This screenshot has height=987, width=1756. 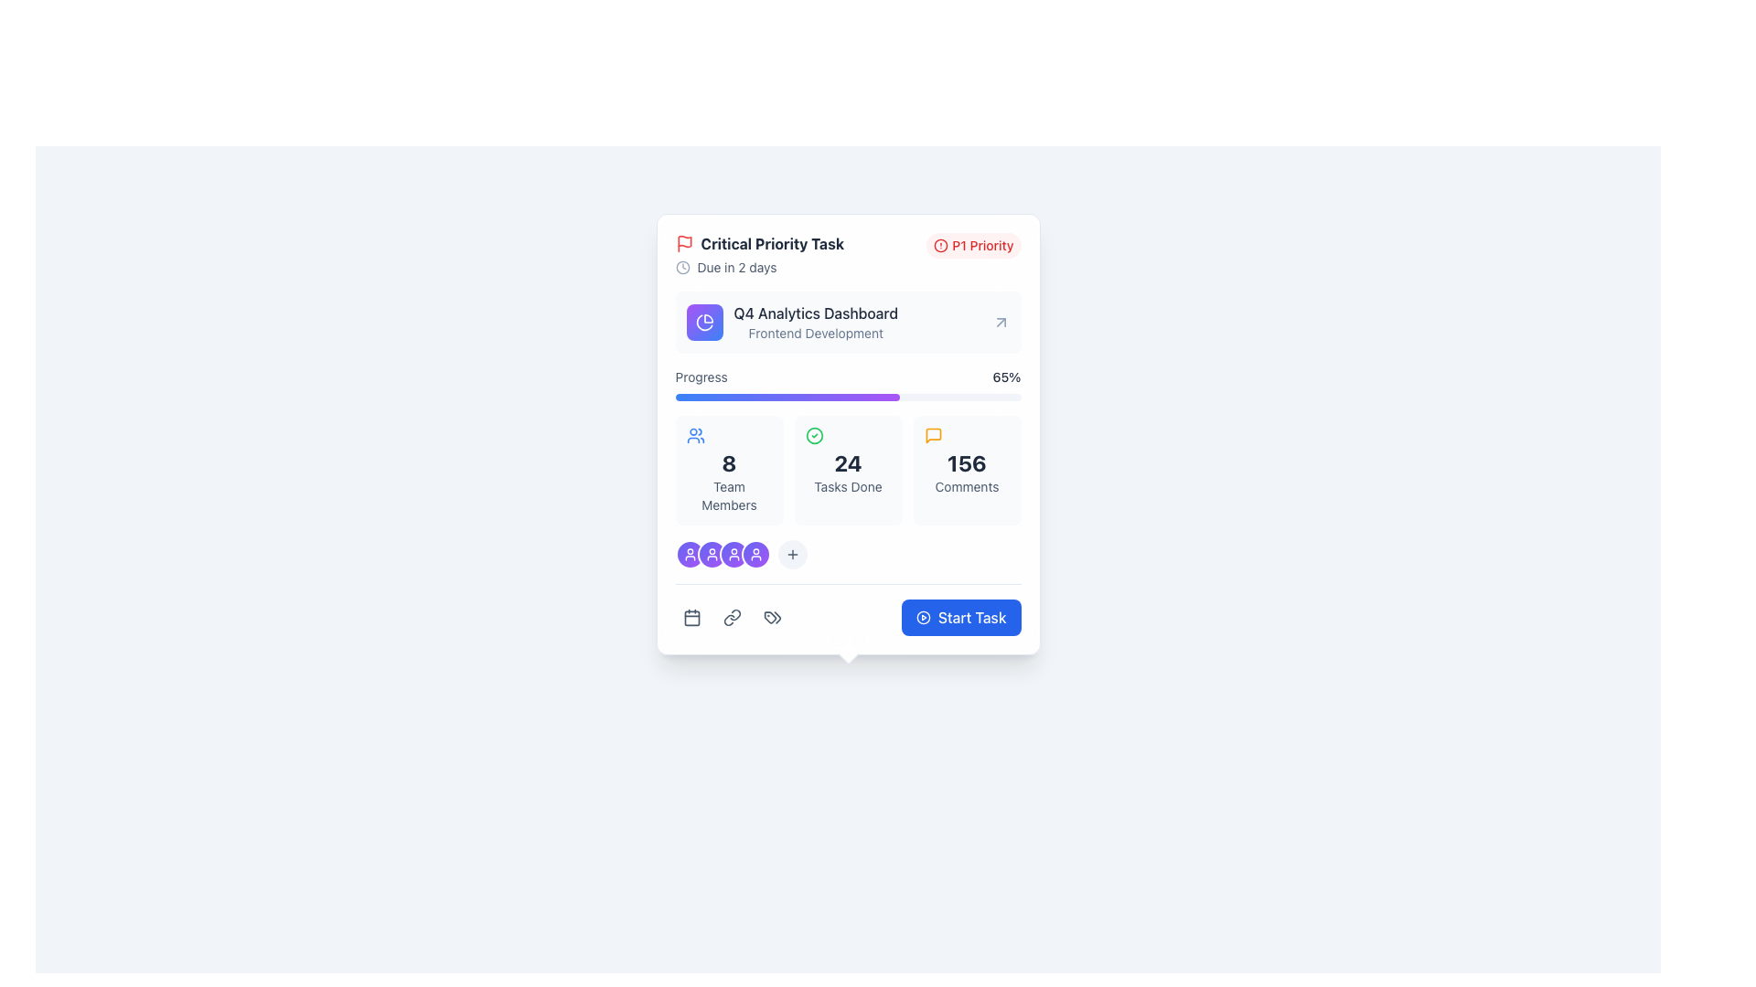 I want to click on the second button, so click(x=732, y=617).